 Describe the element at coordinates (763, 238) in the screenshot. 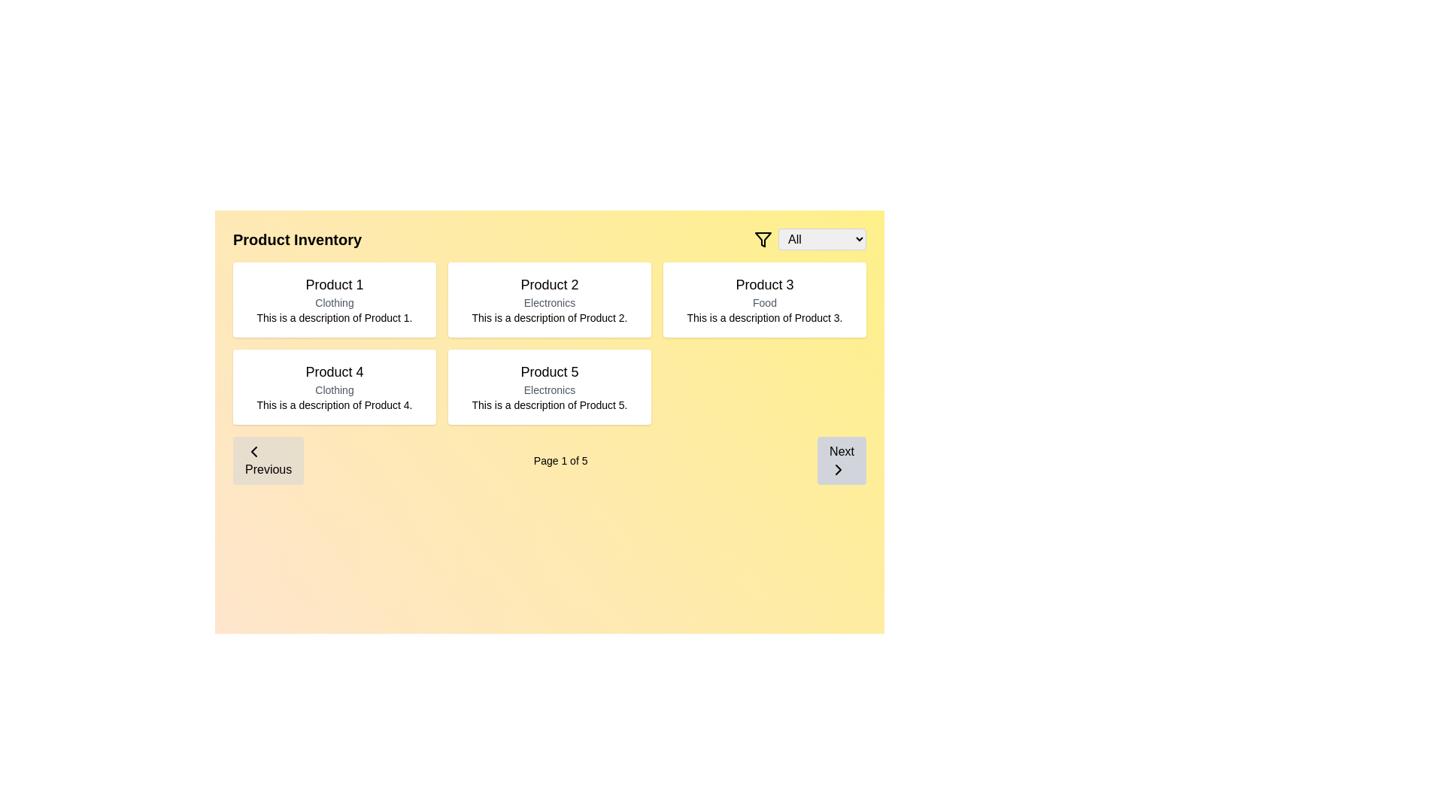

I see `the triangular funnel icon located near the top-right corner of the interface, immediately to the left of the 'All' dropdown menu` at that location.